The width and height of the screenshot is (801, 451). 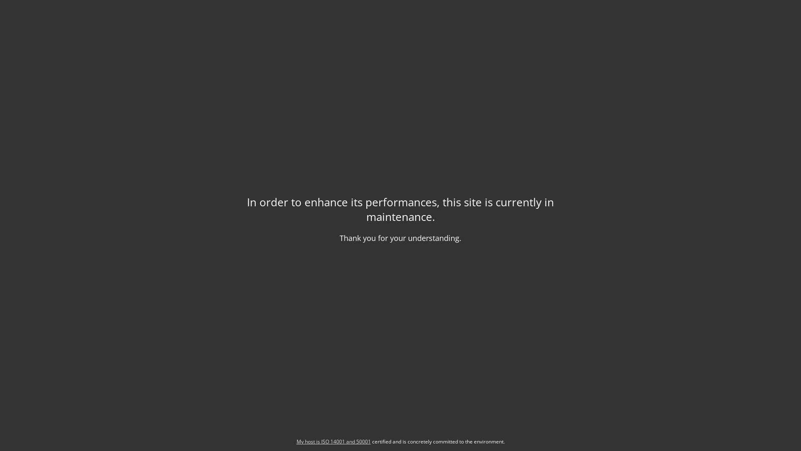 What do you see at coordinates (332, 441) in the screenshot?
I see `'My host is ISO 14001 and 50001'` at bounding box center [332, 441].